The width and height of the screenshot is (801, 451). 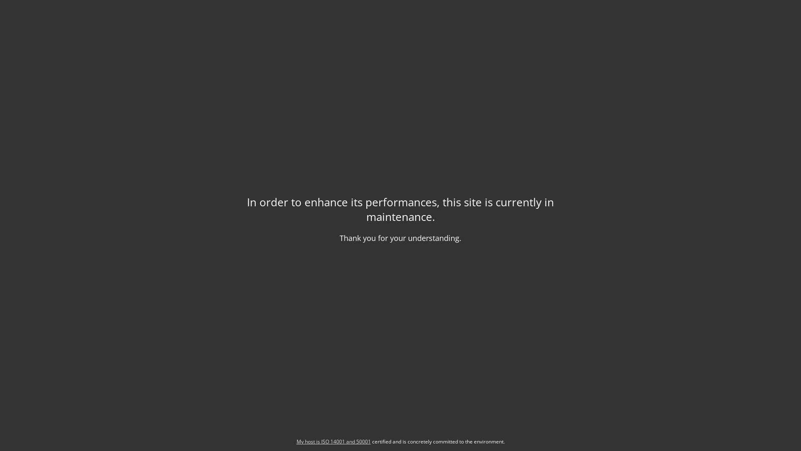 What do you see at coordinates (332, 441) in the screenshot?
I see `'My host is ISO 14001 and 50001'` at bounding box center [332, 441].